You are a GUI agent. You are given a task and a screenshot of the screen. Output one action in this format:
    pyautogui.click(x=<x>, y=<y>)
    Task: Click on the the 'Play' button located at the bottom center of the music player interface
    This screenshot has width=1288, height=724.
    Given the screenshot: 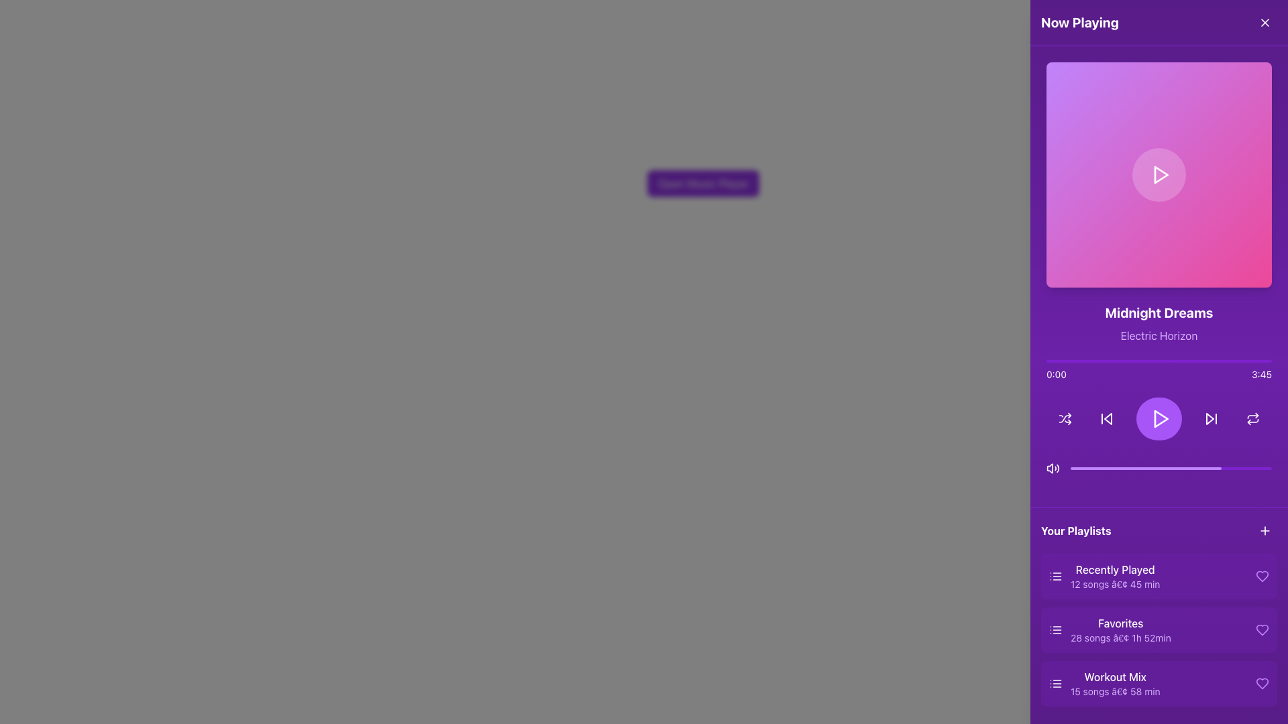 What is the action you would take?
    pyautogui.click(x=1159, y=418)
    